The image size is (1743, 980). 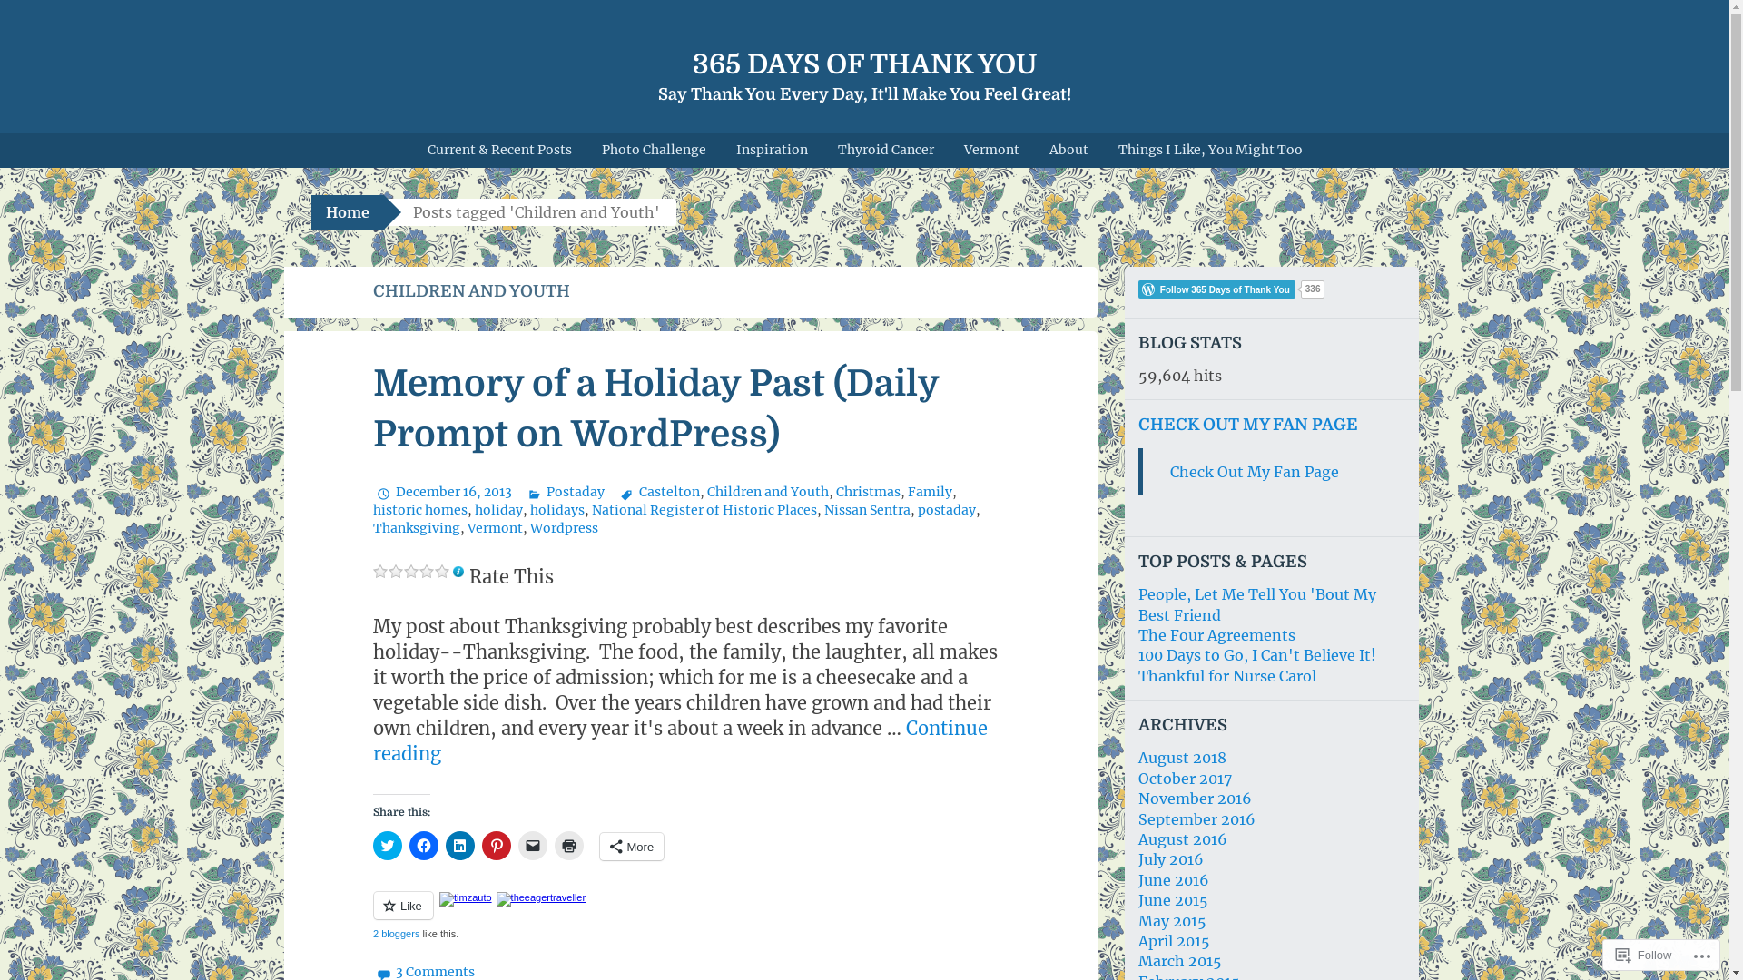 I want to click on 'Thanksgiving', so click(x=414, y=528).